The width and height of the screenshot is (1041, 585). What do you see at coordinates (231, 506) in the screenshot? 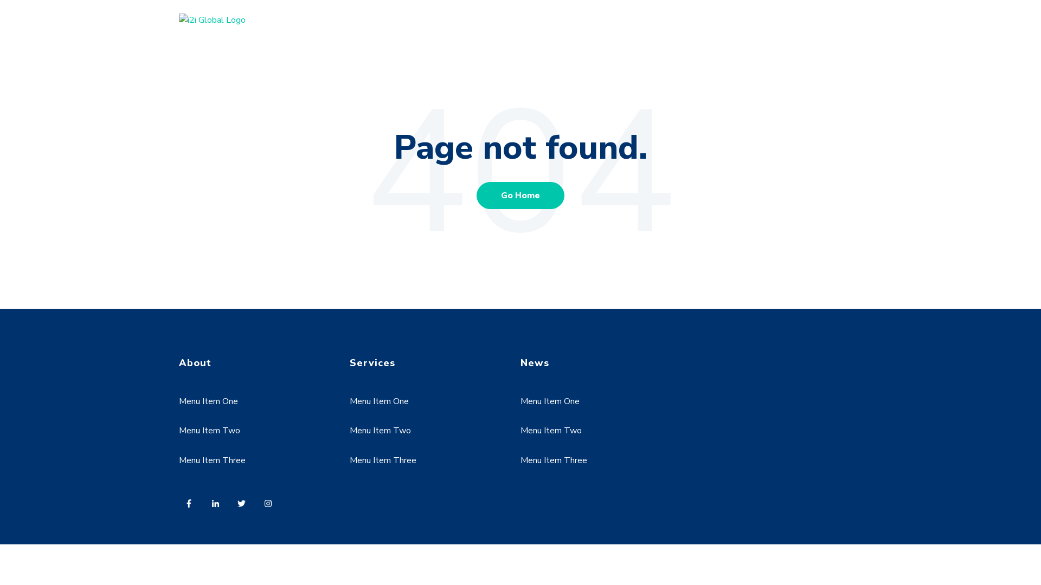
I see `'Follow us on Twitter'` at bounding box center [231, 506].